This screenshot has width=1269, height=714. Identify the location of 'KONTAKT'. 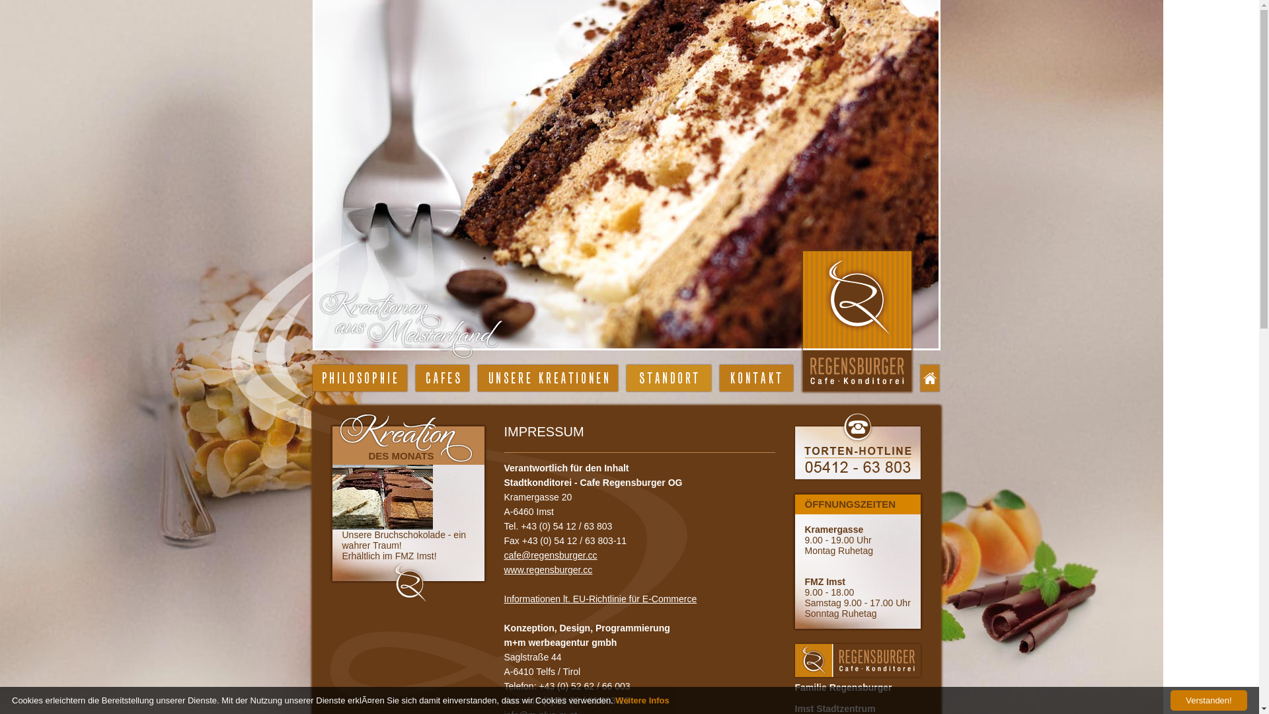
(755, 377).